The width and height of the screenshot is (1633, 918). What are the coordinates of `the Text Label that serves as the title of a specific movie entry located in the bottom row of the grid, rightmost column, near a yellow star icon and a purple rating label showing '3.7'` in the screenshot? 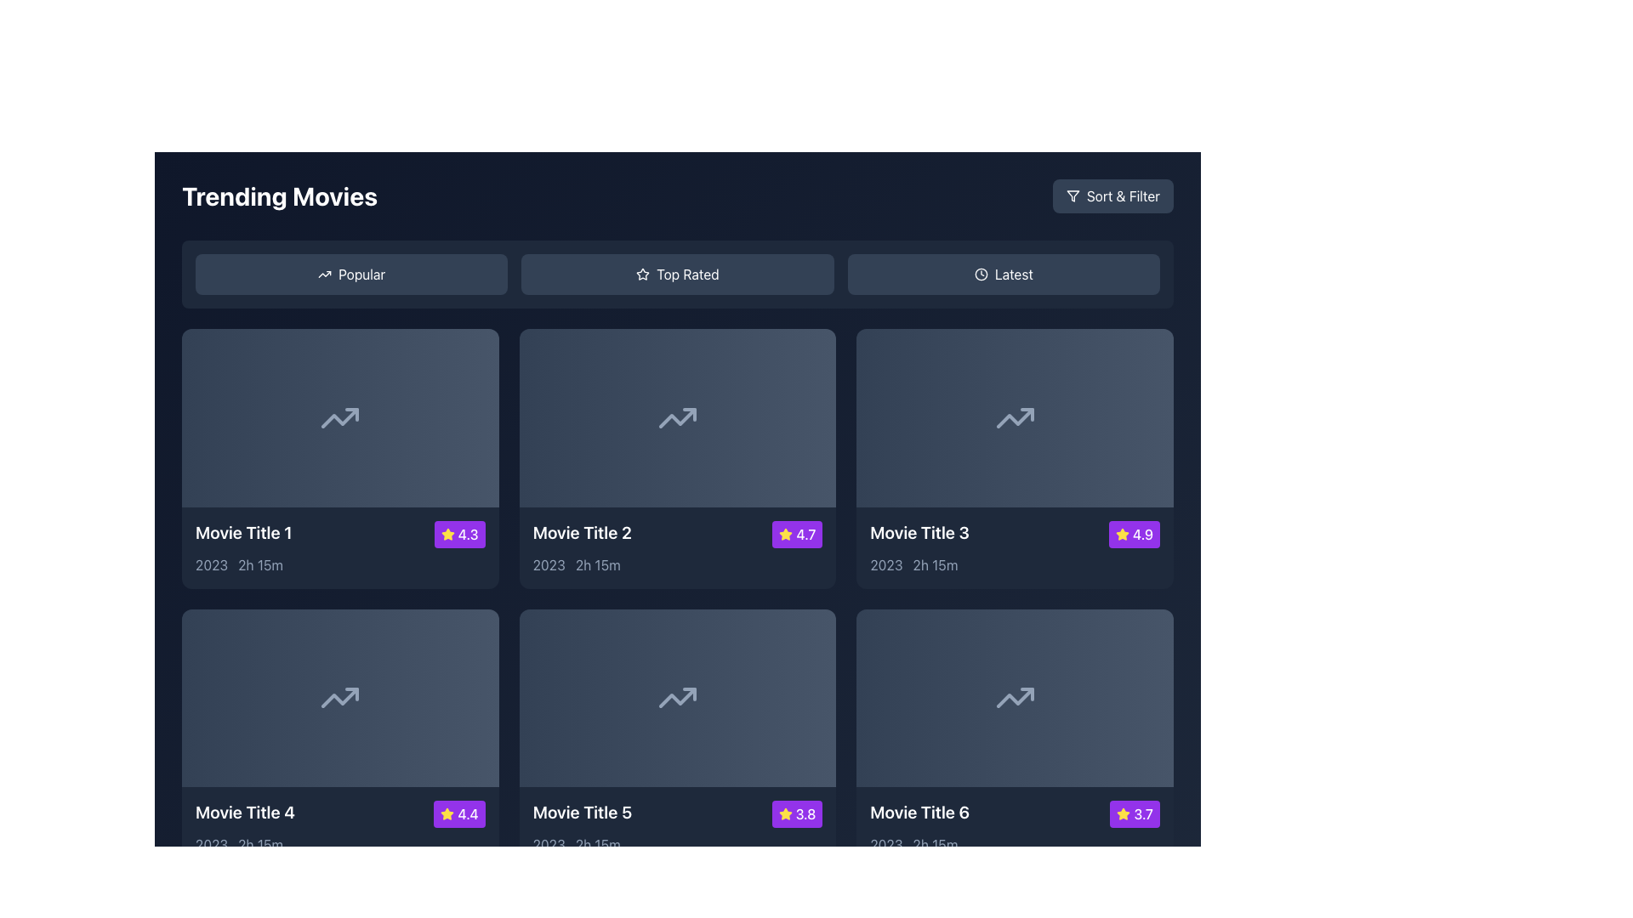 It's located at (919, 812).